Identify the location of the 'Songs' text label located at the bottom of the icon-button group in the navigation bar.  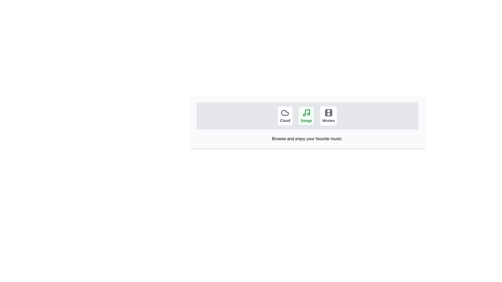
(306, 121).